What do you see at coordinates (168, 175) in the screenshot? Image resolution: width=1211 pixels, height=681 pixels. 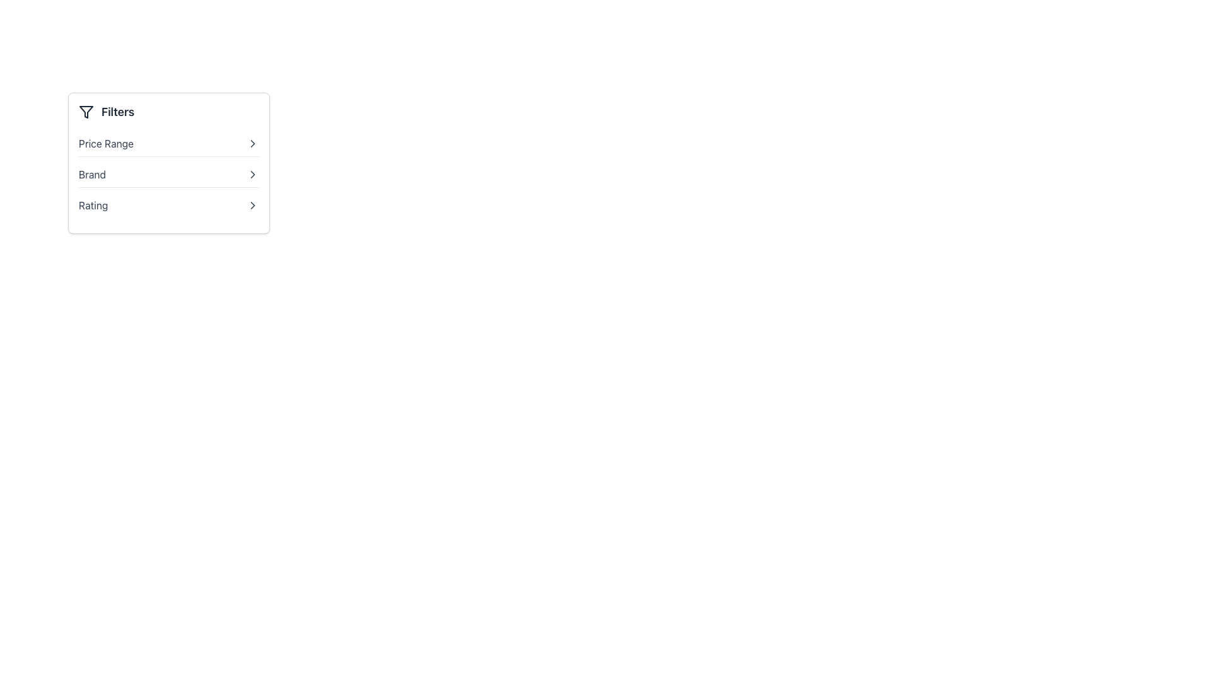 I see `the 'Brand' filter option, which is the second item in the filter menu` at bounding box center [168, 175].